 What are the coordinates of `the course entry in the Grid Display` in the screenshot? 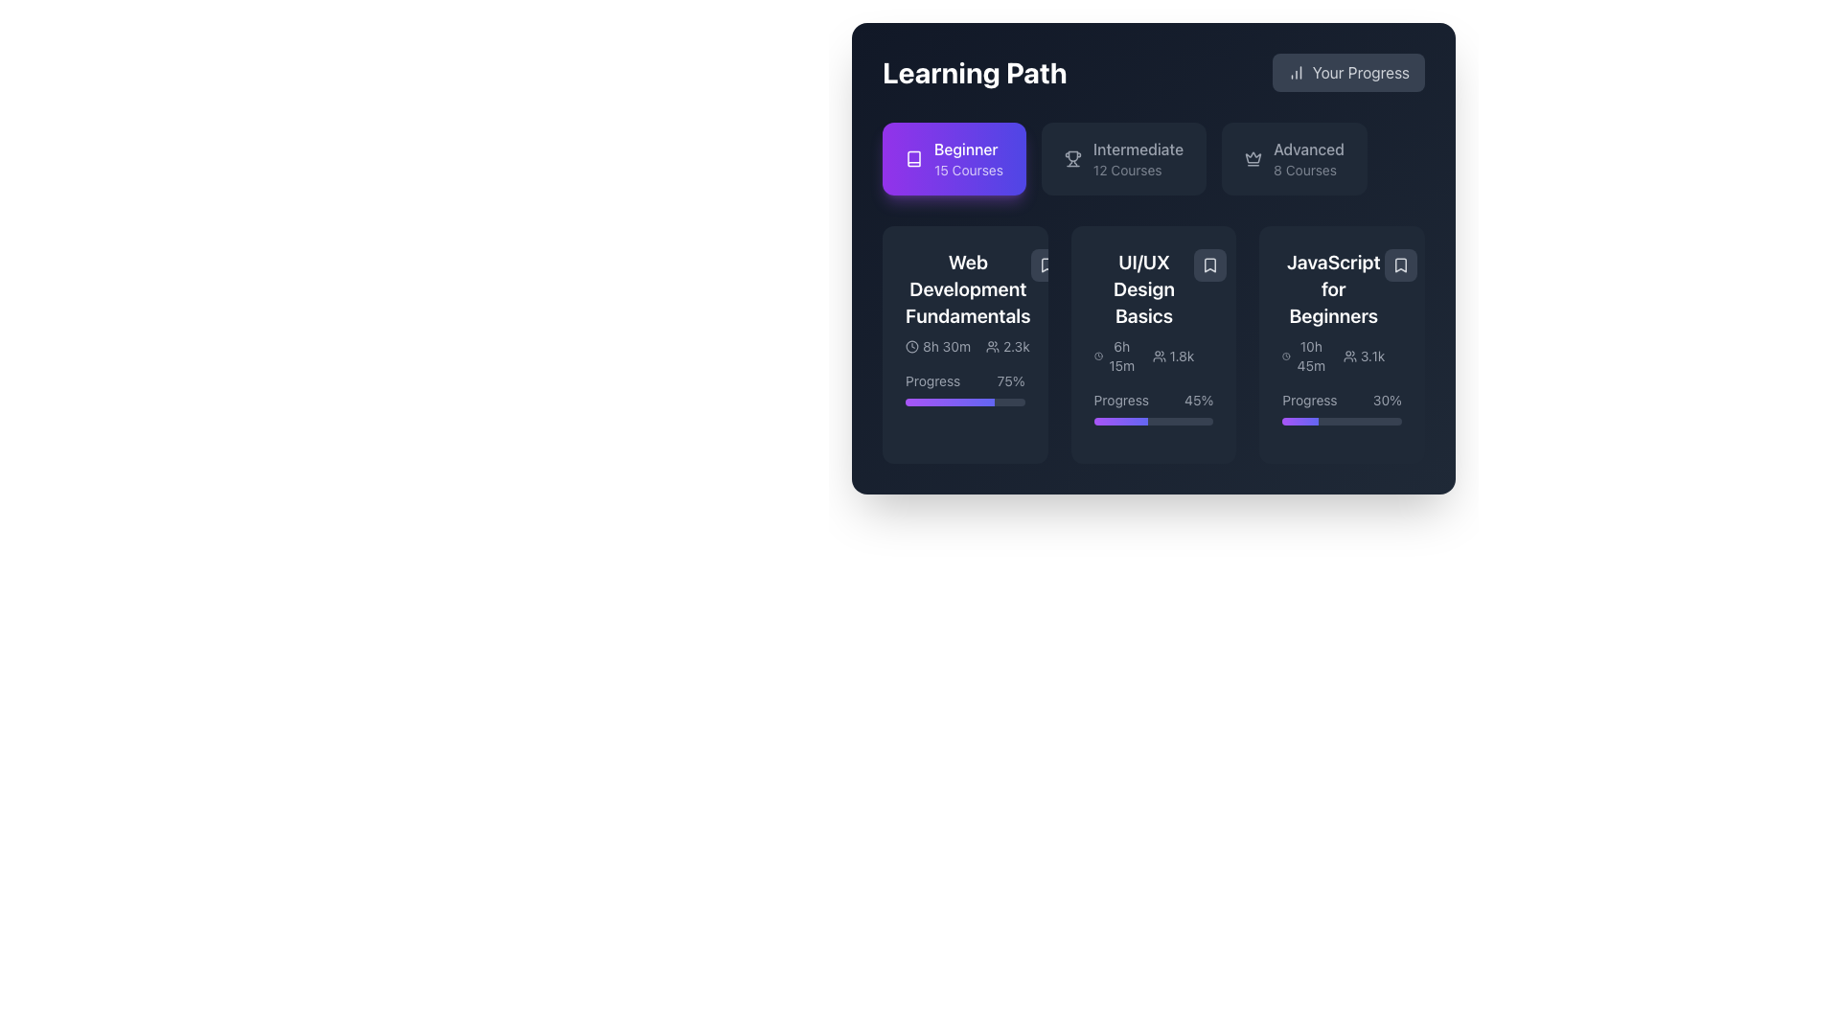 It's located at (1153, 343).